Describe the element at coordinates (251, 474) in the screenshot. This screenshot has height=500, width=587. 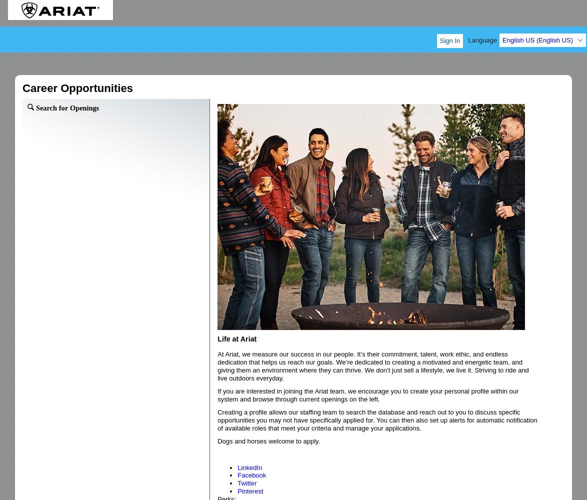
I see `'Facebook'` at that location.